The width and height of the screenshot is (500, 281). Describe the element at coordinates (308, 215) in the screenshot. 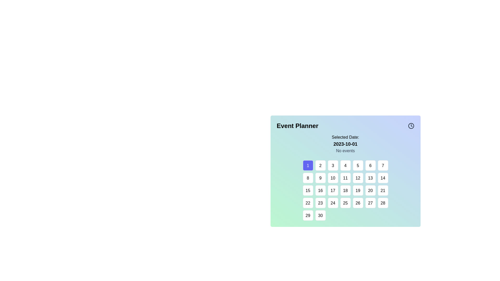

I see `the square button displaying the number '29' located at the bottom-left corner of the calendar interface to enable navigation interactions` at that location.